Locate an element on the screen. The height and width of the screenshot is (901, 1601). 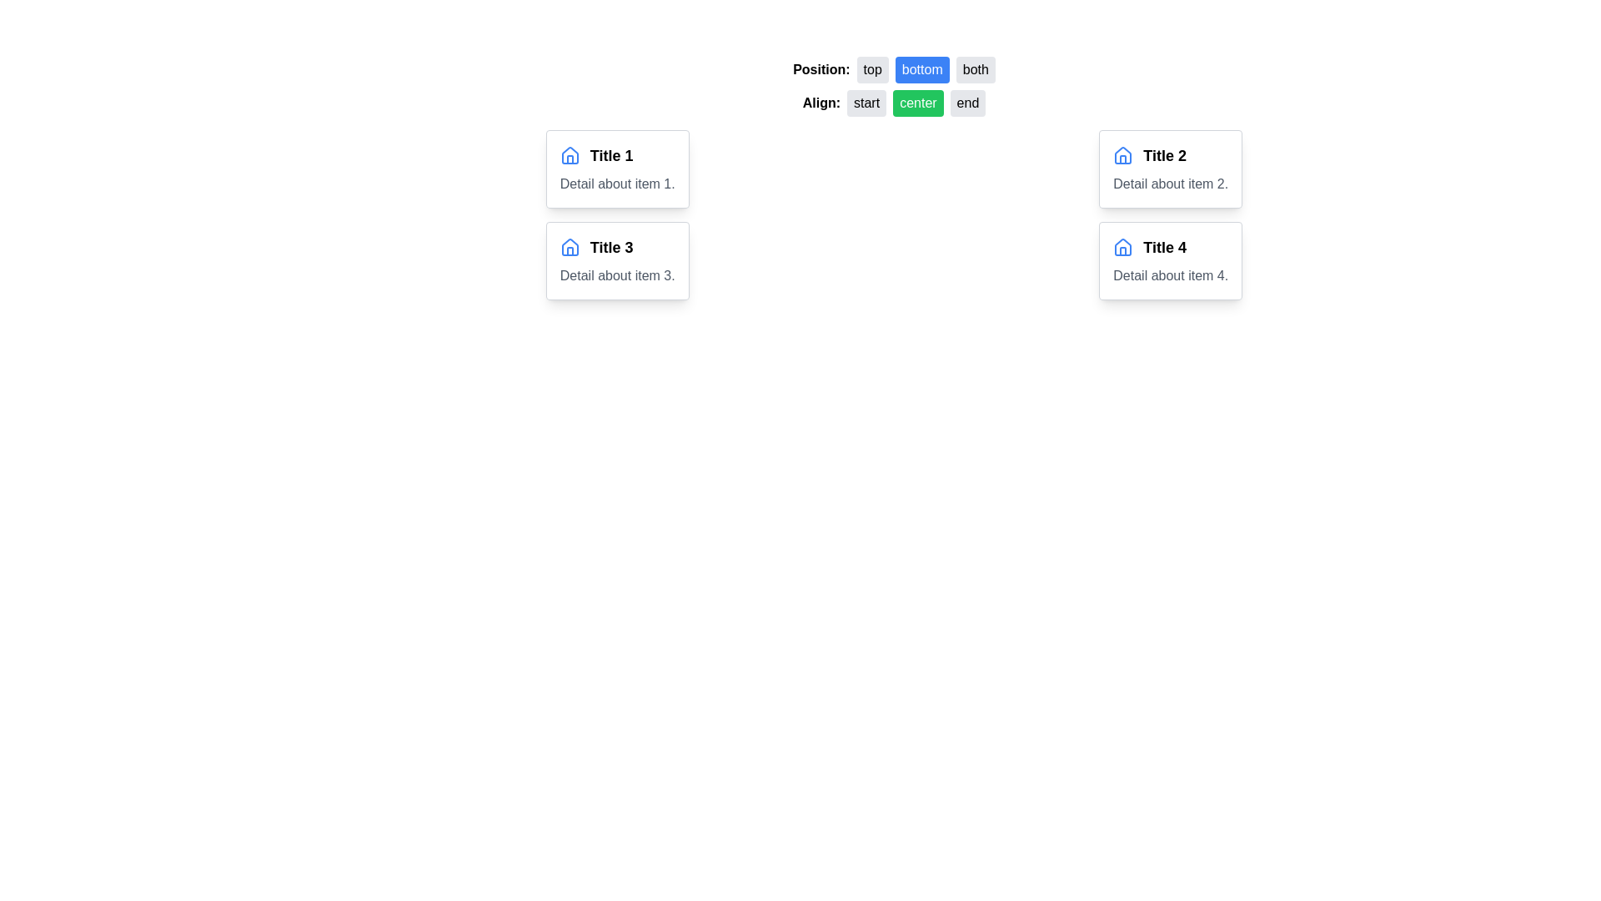
the descriptive Text label for alignment options positioned before the buttons labeled 'start', 'center', and 'end' is located at coordinates (821, 103).